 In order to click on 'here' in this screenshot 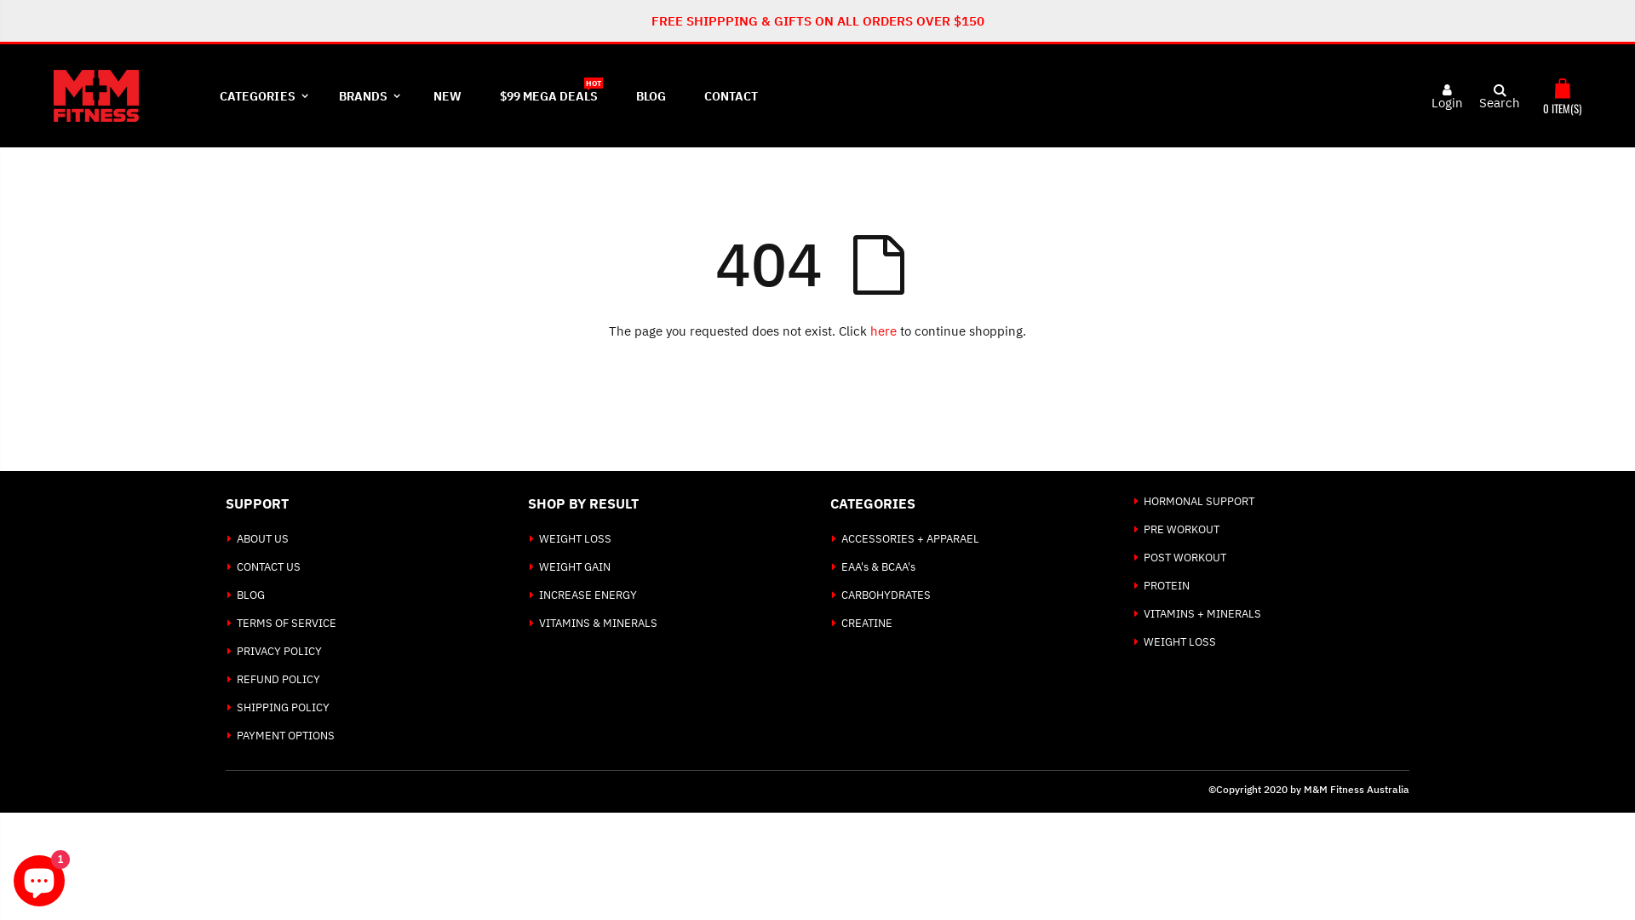, I will do `click(883, 330)`.